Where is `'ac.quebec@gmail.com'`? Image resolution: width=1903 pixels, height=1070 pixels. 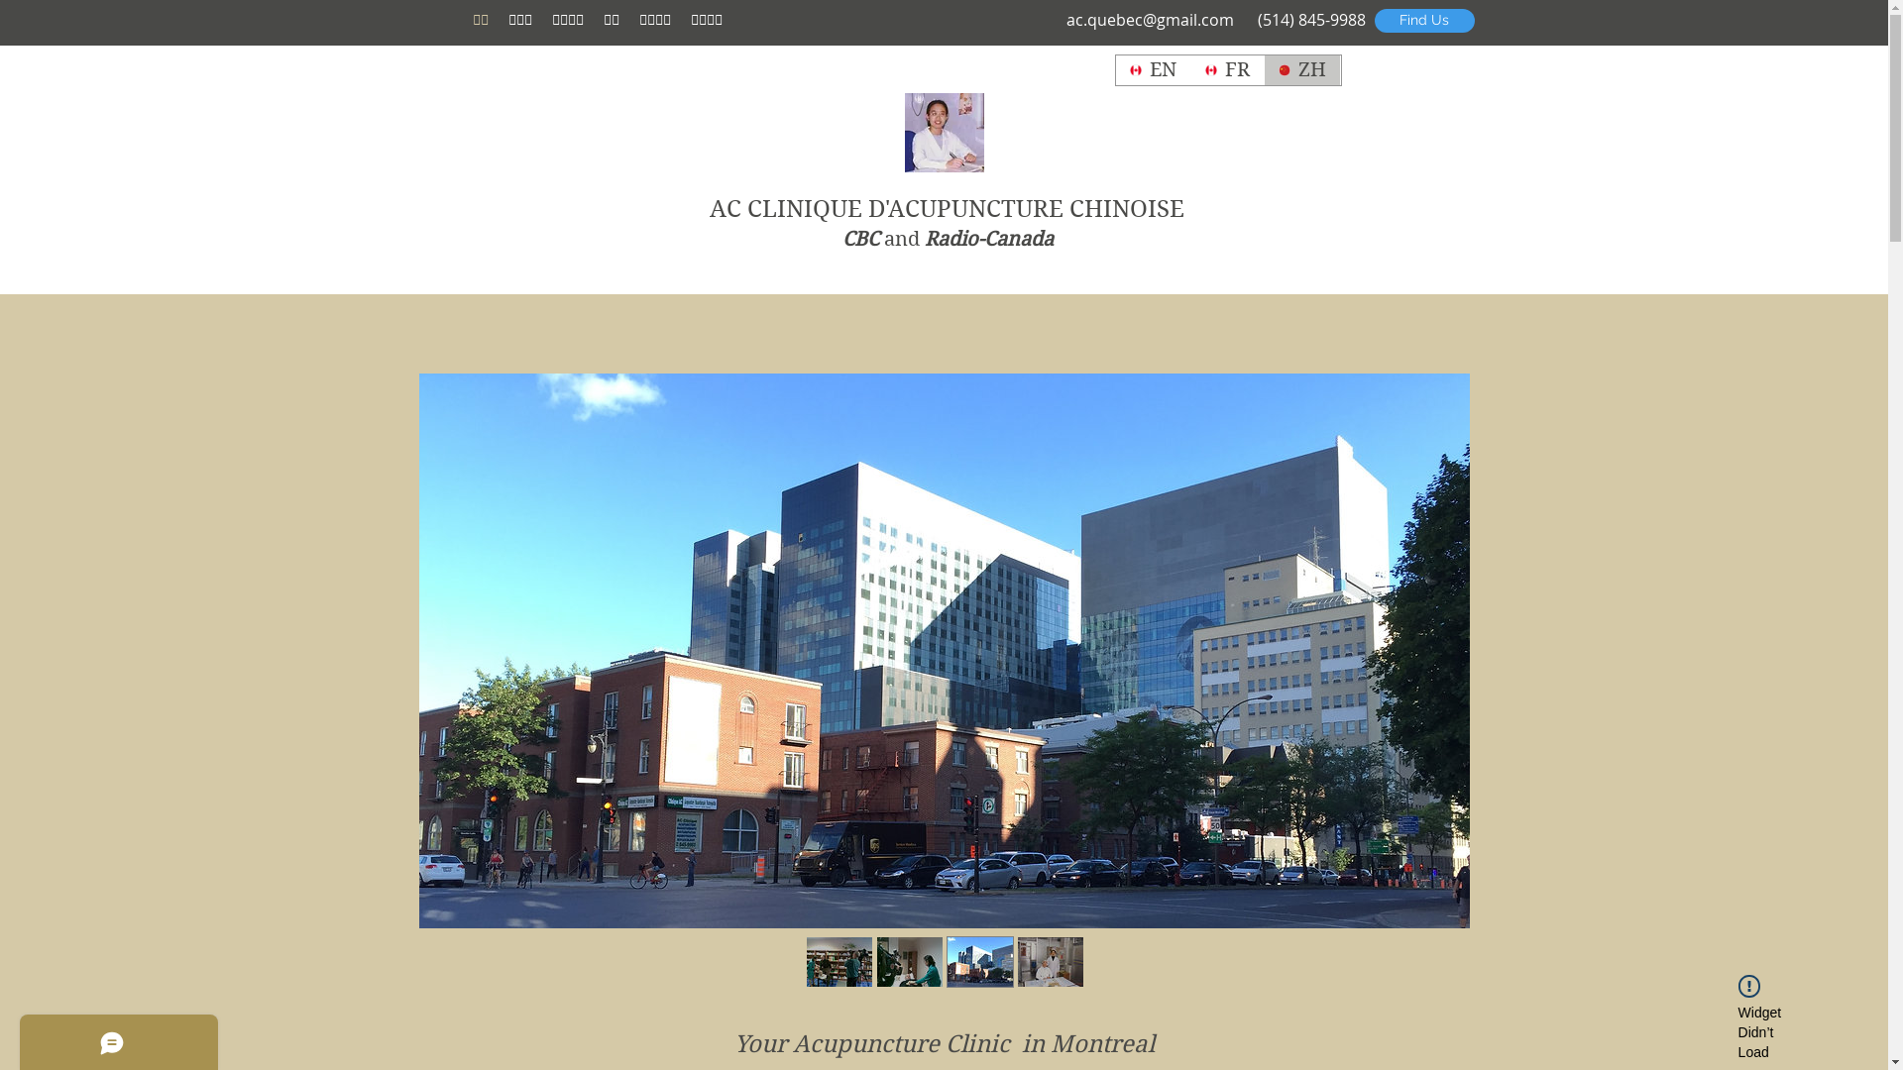
'ac.quebec@gmail.com' is located at coordinates (1150, 19).